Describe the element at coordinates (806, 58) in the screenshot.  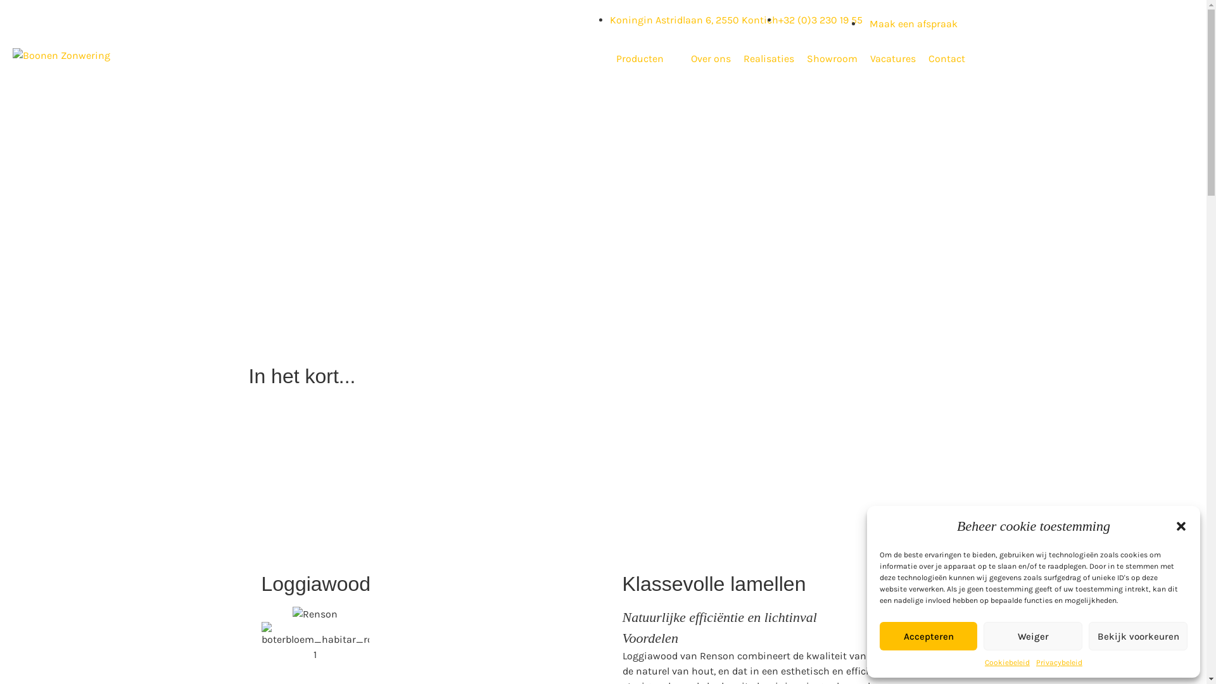
I see `'Showroom'` at that location.